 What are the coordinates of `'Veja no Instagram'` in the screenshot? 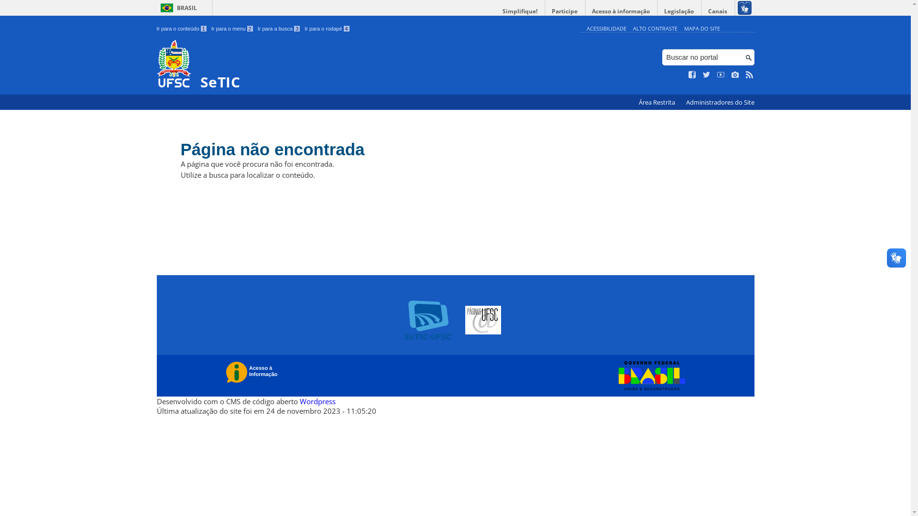 It's located at (734, 75).